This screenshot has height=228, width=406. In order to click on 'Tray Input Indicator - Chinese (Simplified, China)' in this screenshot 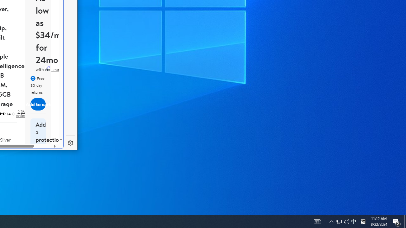, I will do `click(363, 221)`.